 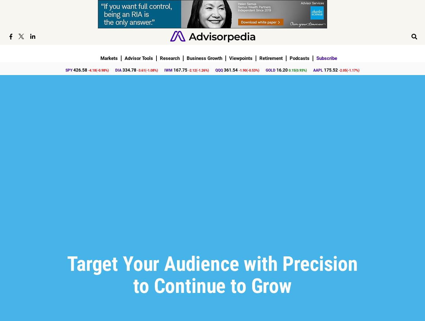 I want to click on '-1.26', so click(x=201, y=70).